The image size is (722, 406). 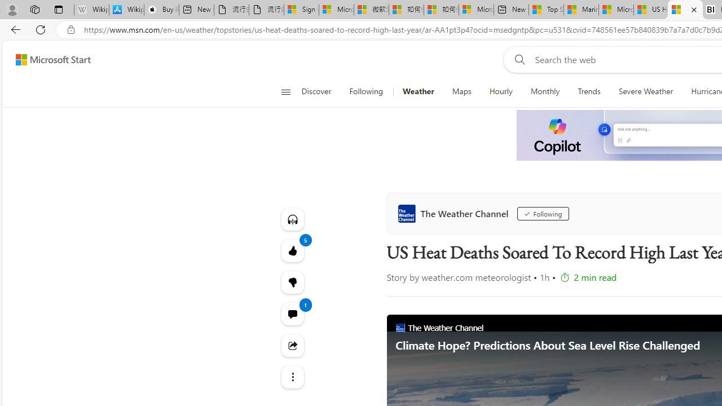 I want to click on 'Class: at-item', so click(x=292, y=377).